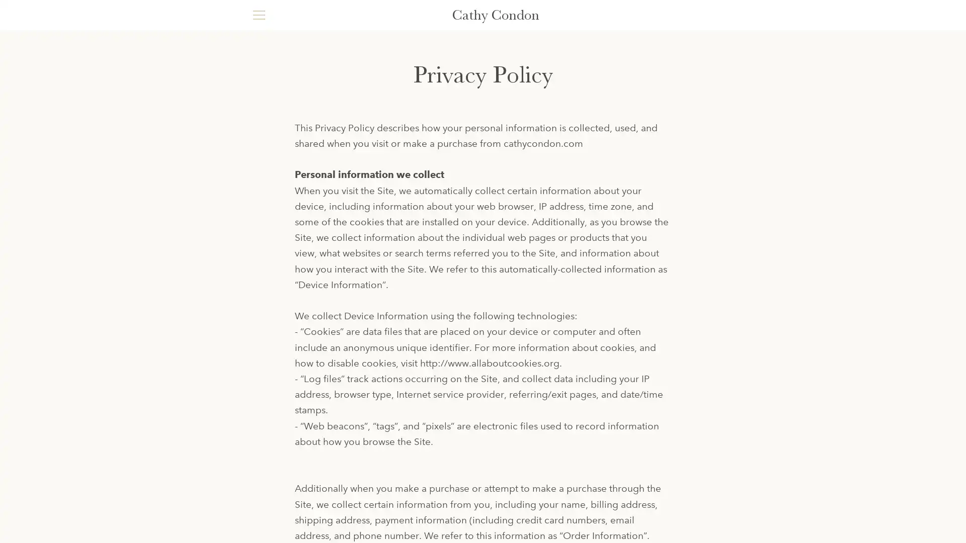  What do you see at coordinates (533, 369) in the screenshot?
I see `SEARCH AGAIN` at bounding box center [533, 369].